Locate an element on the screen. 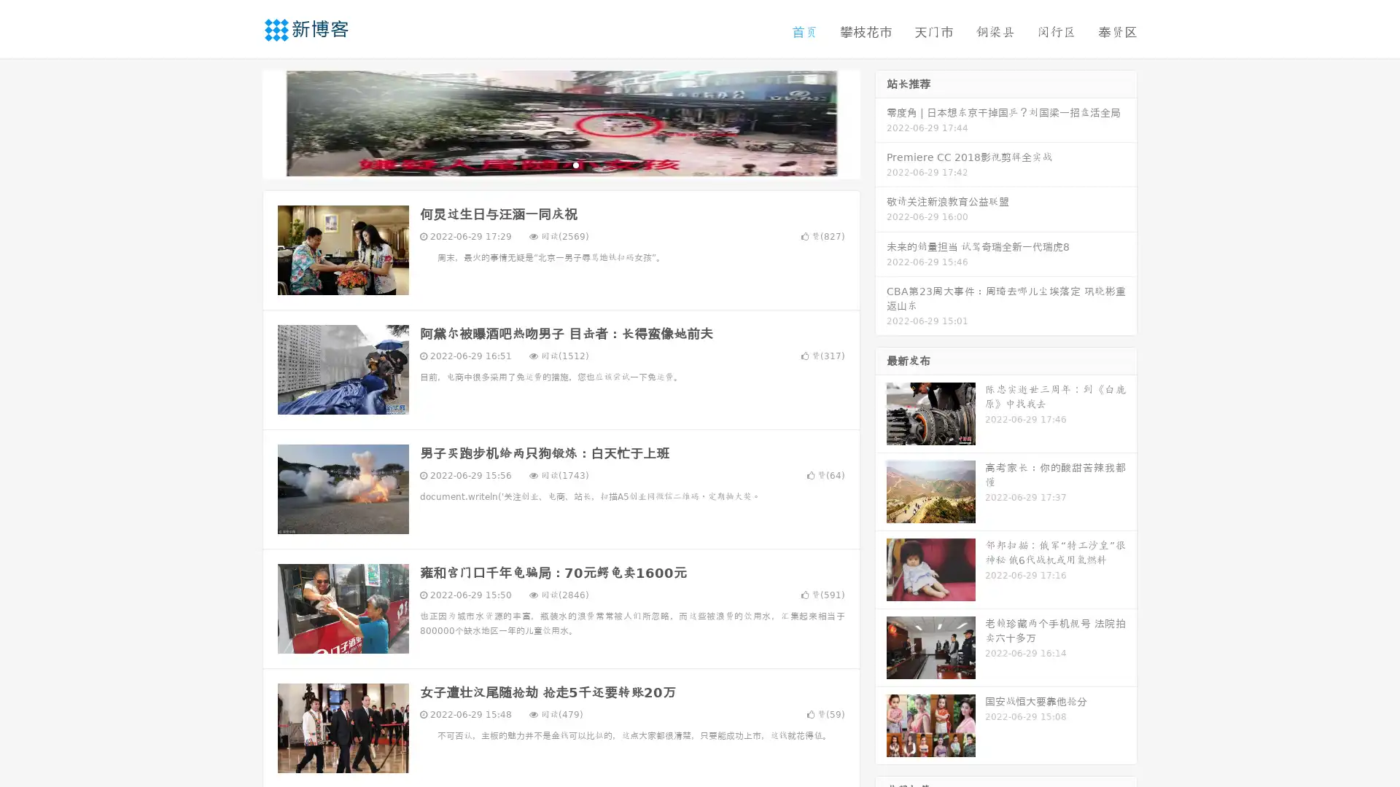 This screenshot has width=1400, height=787. Go to slide 2 is located at coordinates (560, 164).